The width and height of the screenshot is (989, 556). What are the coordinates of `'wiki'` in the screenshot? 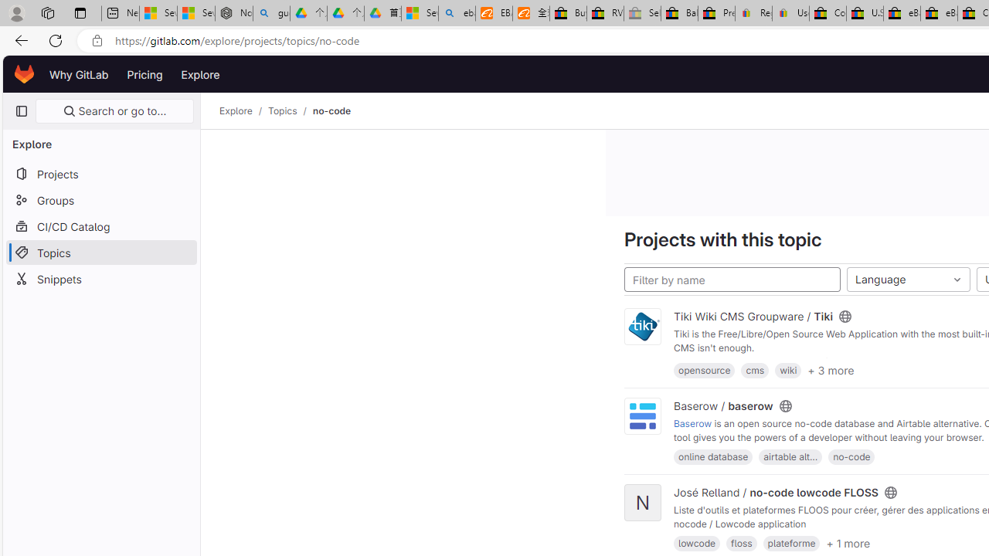 It's located at (788, 370).